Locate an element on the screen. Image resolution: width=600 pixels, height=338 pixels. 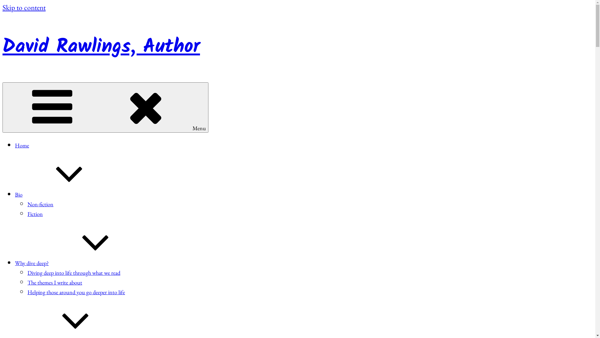
'Helping those around you go deeper into life' is located at coordinates (76, 292).